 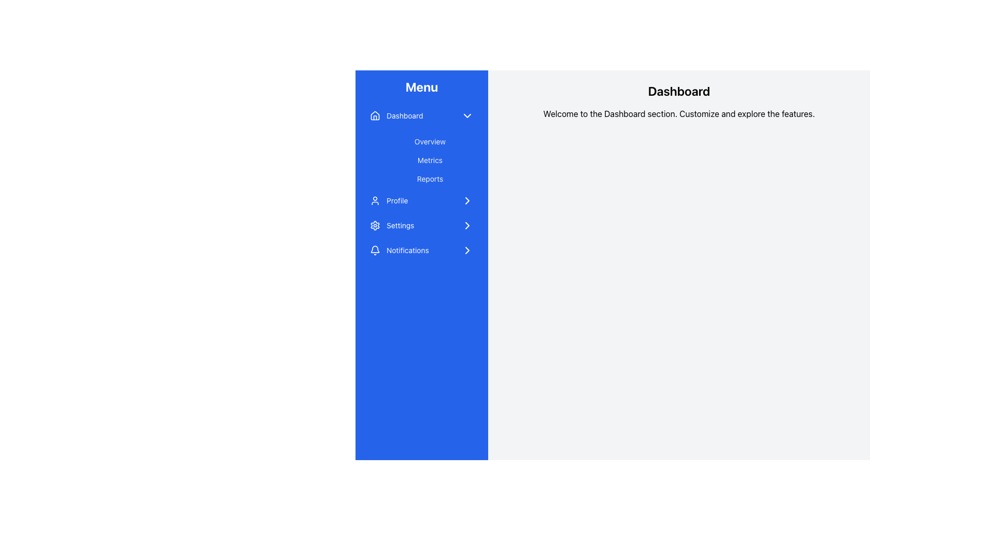 I want to click on the 'Reports' submenu item in the sidebar menu for keyboard navigation, so click(x=422, y=183).